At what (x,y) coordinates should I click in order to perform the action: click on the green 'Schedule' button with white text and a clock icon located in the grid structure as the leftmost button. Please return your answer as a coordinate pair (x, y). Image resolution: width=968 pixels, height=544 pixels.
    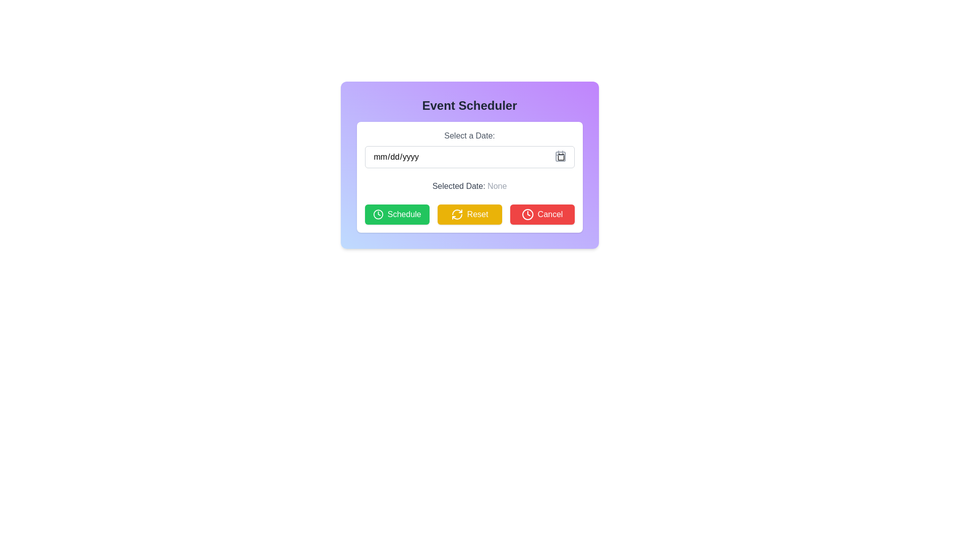
    Looking at the image, I should click on (396, 214).